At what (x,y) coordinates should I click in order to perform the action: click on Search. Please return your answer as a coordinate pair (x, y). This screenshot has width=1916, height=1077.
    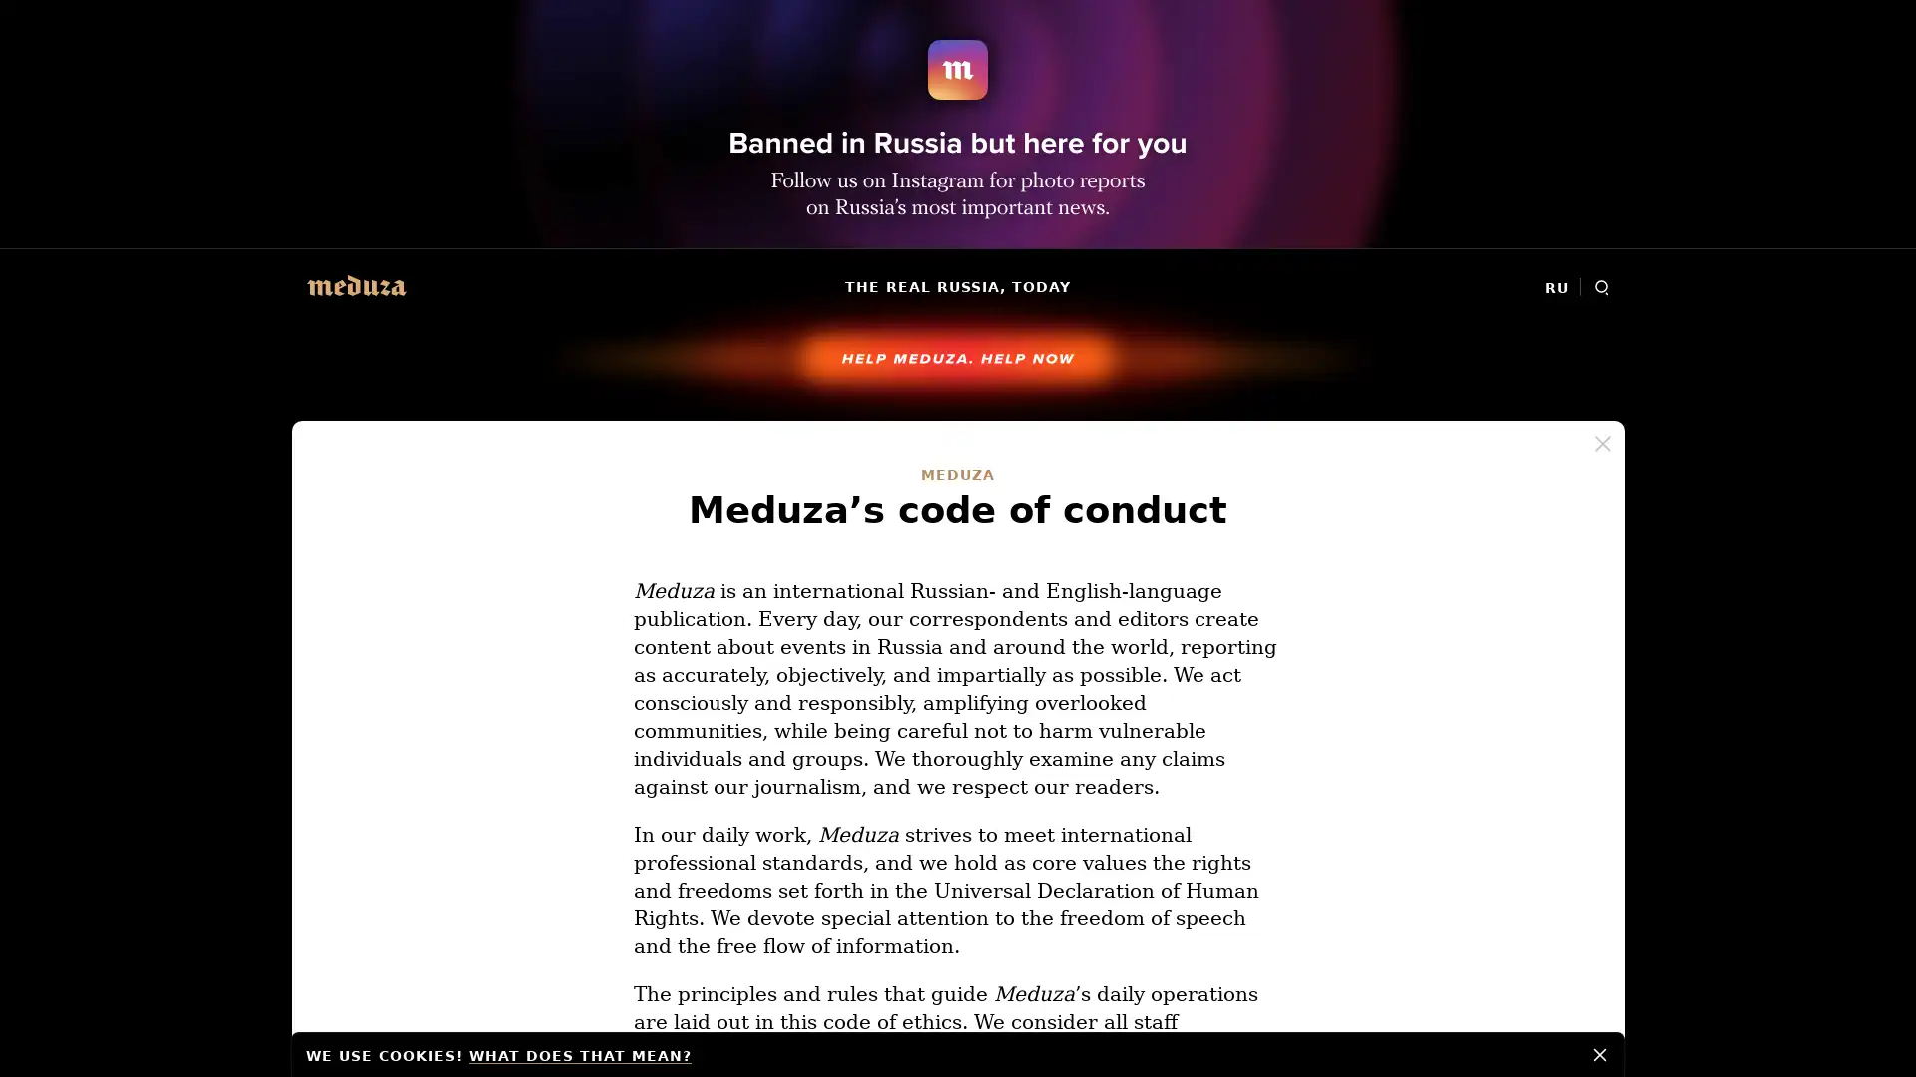
    Looking at the image, I should click on (1601, 287).